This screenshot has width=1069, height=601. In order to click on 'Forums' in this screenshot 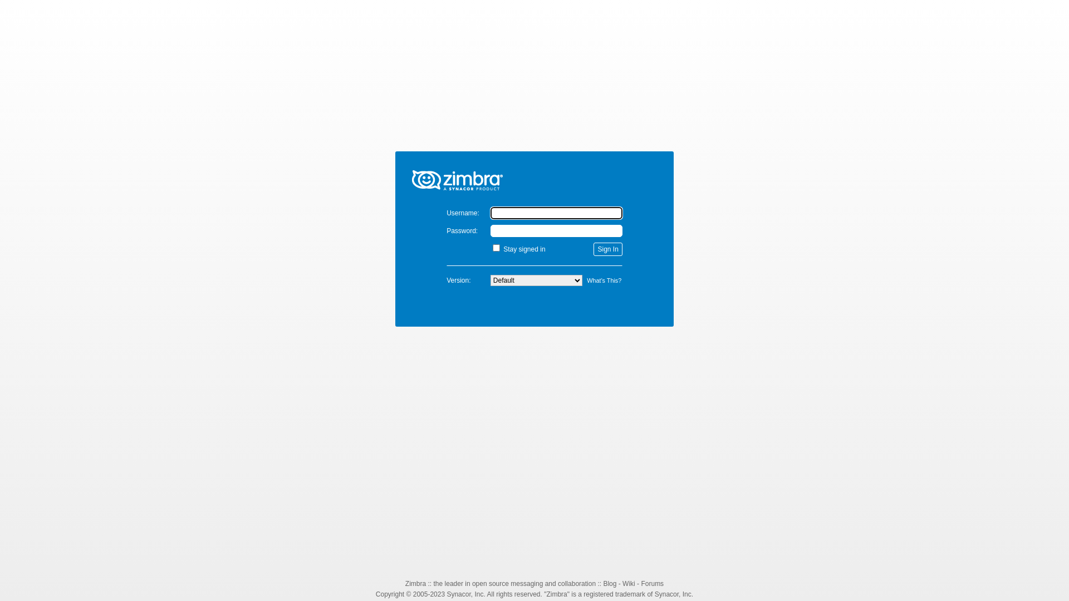, I will do `click(652, 583)`.